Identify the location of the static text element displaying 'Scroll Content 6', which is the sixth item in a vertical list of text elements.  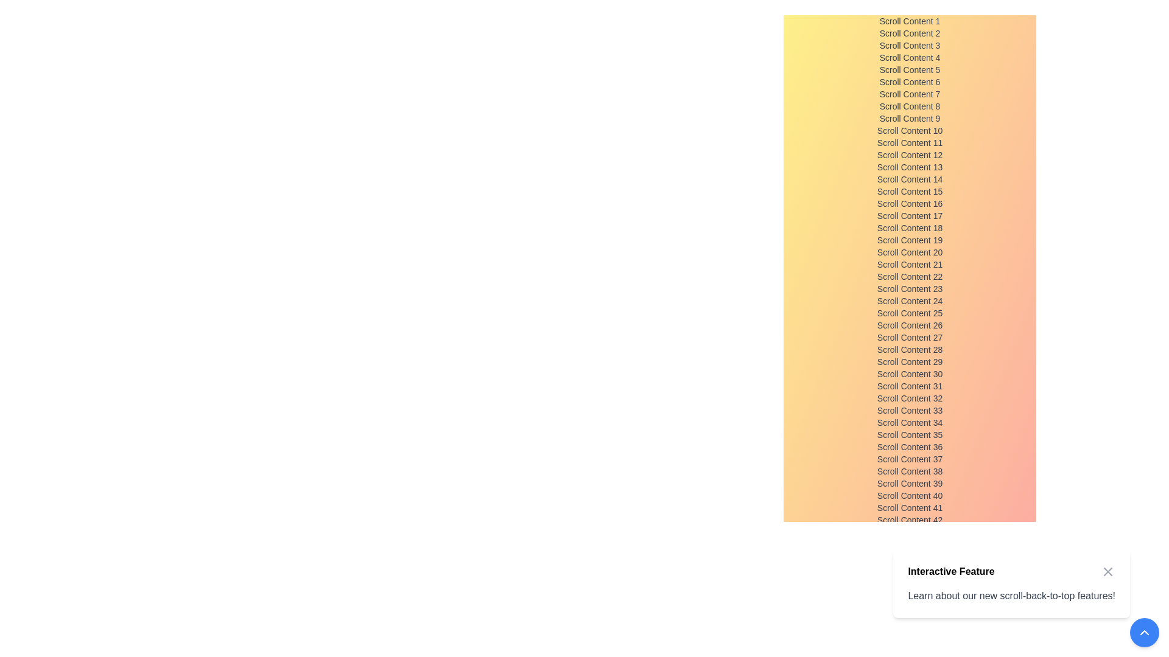
(910, 82).